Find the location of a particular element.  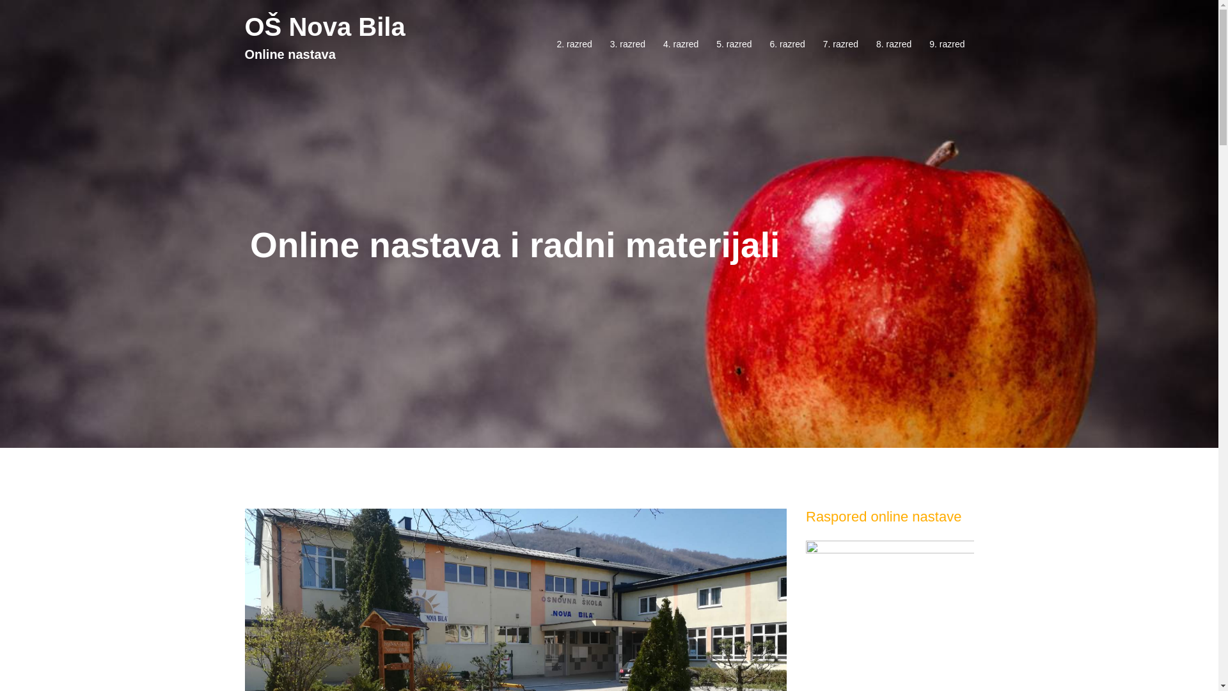

'9. razred' is located at coordinates (947, 44).